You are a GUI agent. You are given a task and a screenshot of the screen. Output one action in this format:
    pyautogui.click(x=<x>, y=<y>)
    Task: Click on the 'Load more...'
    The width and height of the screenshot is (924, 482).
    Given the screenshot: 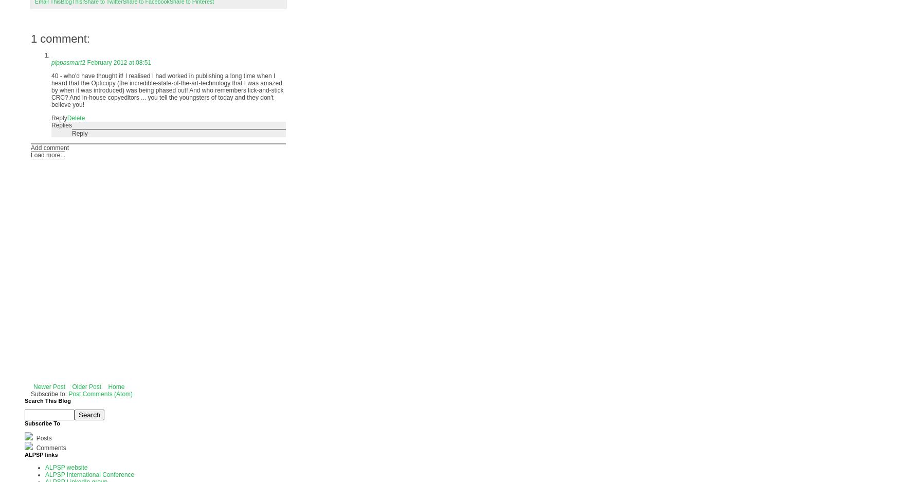 What is the action you would take?
    pyautogui.click(x=30, y=155)
    